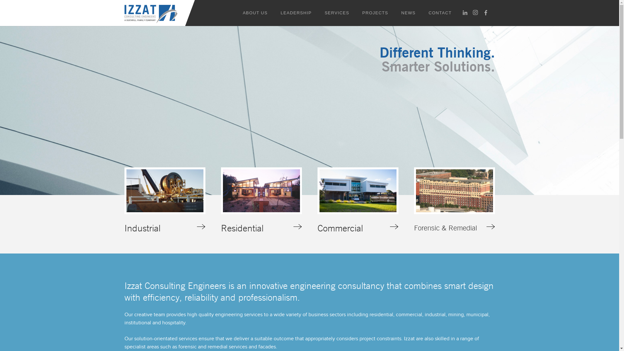  What do you see at coordinates (221, 200) in the screenshot?
I see `'Residential'` at bounding box center [221, 200].